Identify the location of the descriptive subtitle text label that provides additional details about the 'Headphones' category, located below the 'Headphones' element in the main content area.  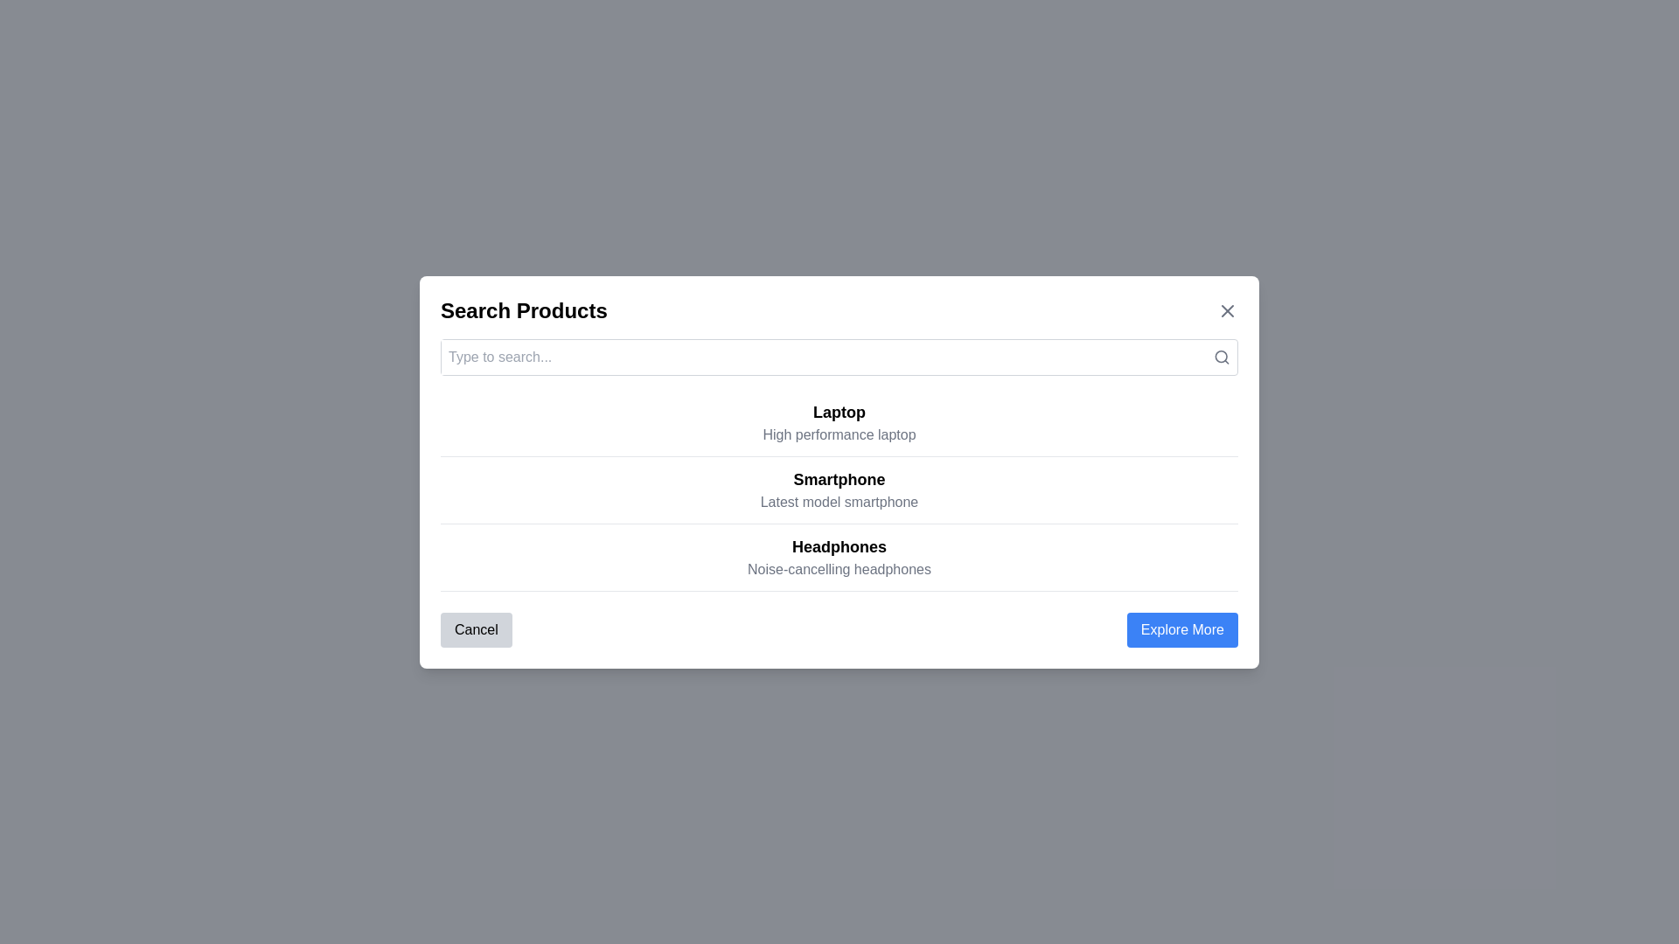
(839, 569).